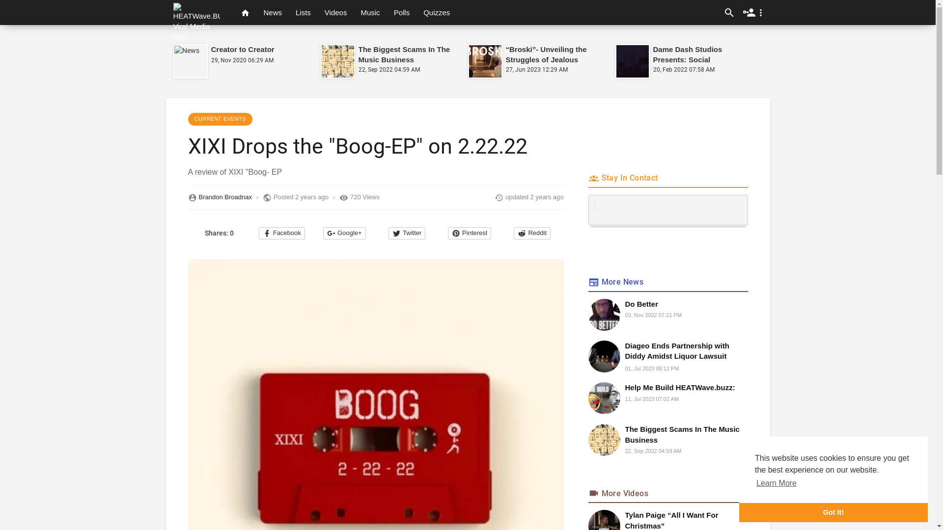  I want to click on 'Videos', so click(336, 12).